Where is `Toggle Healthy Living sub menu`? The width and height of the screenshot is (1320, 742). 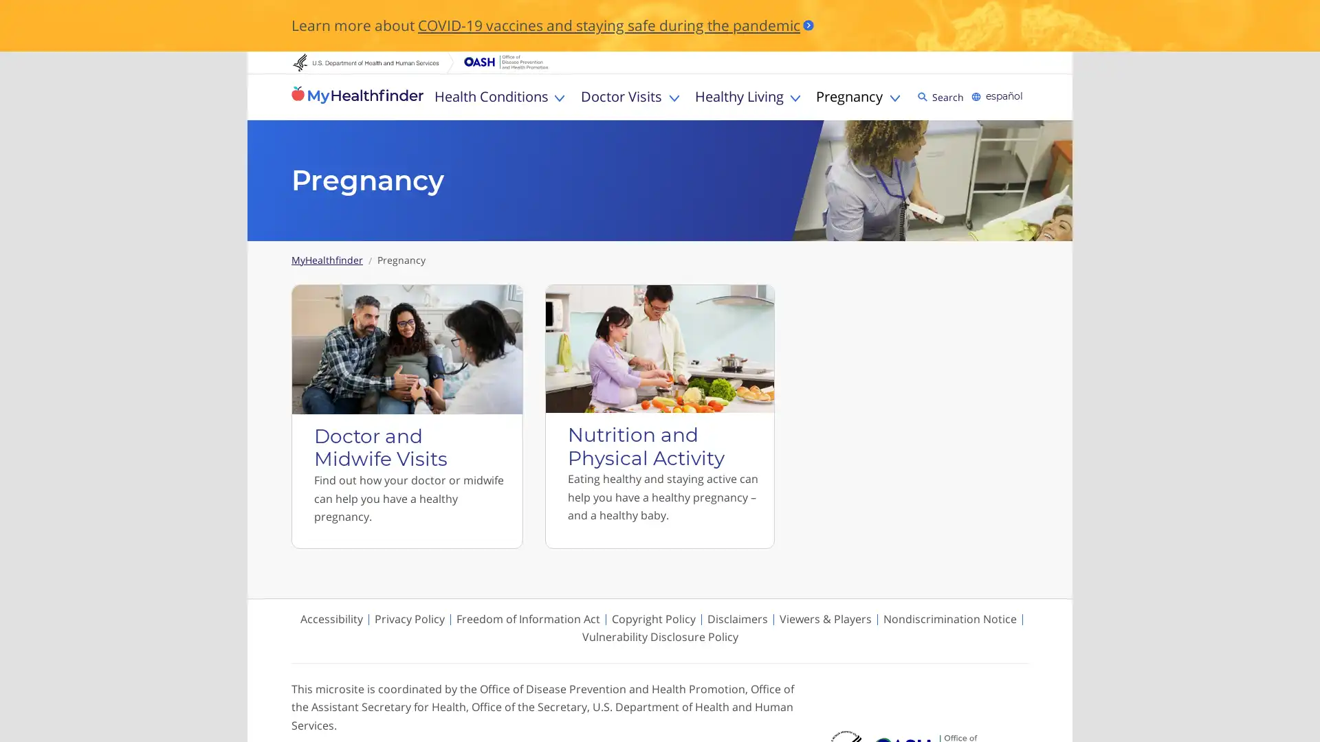
Toggle Healthy Living sub menu is located at coordinates (795, 96).